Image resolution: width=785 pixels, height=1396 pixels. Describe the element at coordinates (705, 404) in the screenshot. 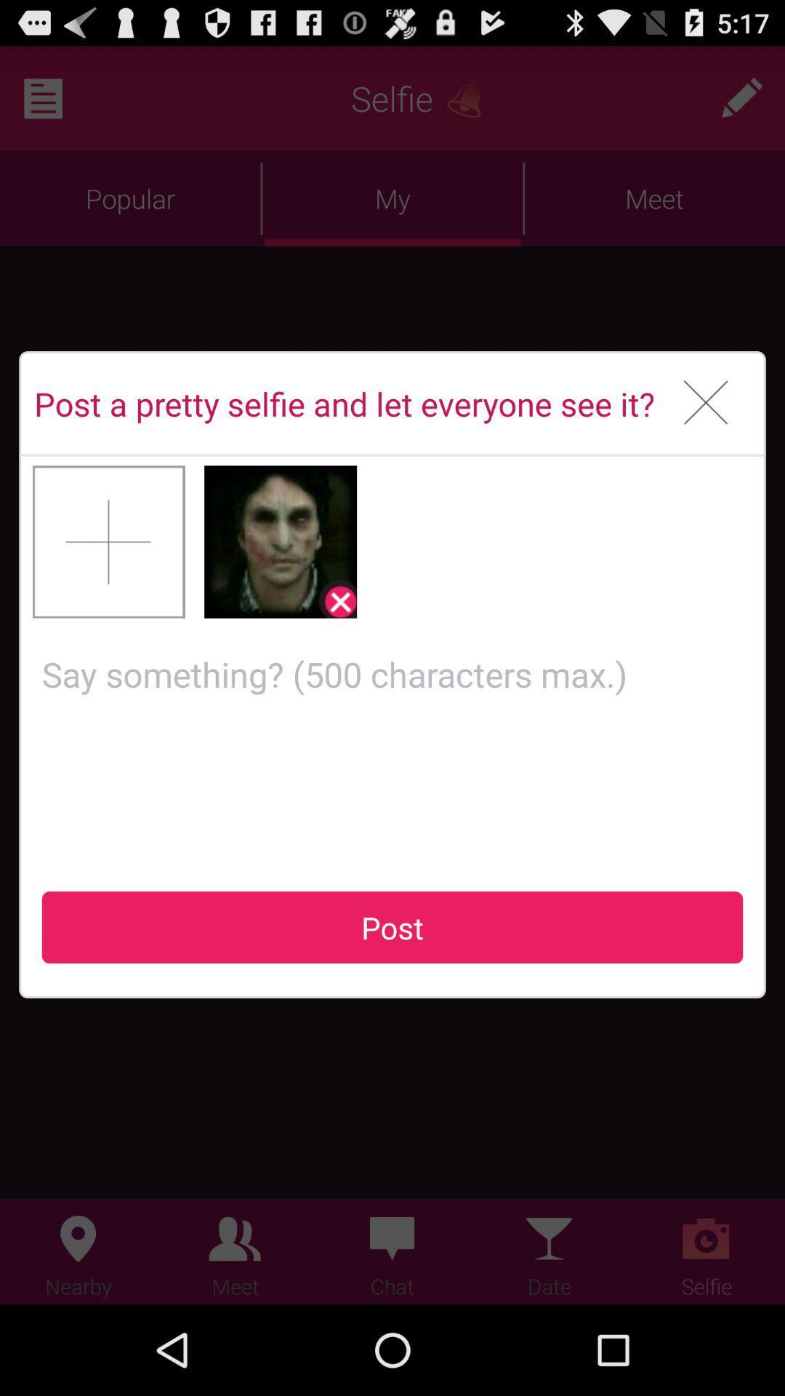

I see `exit out` at that location.